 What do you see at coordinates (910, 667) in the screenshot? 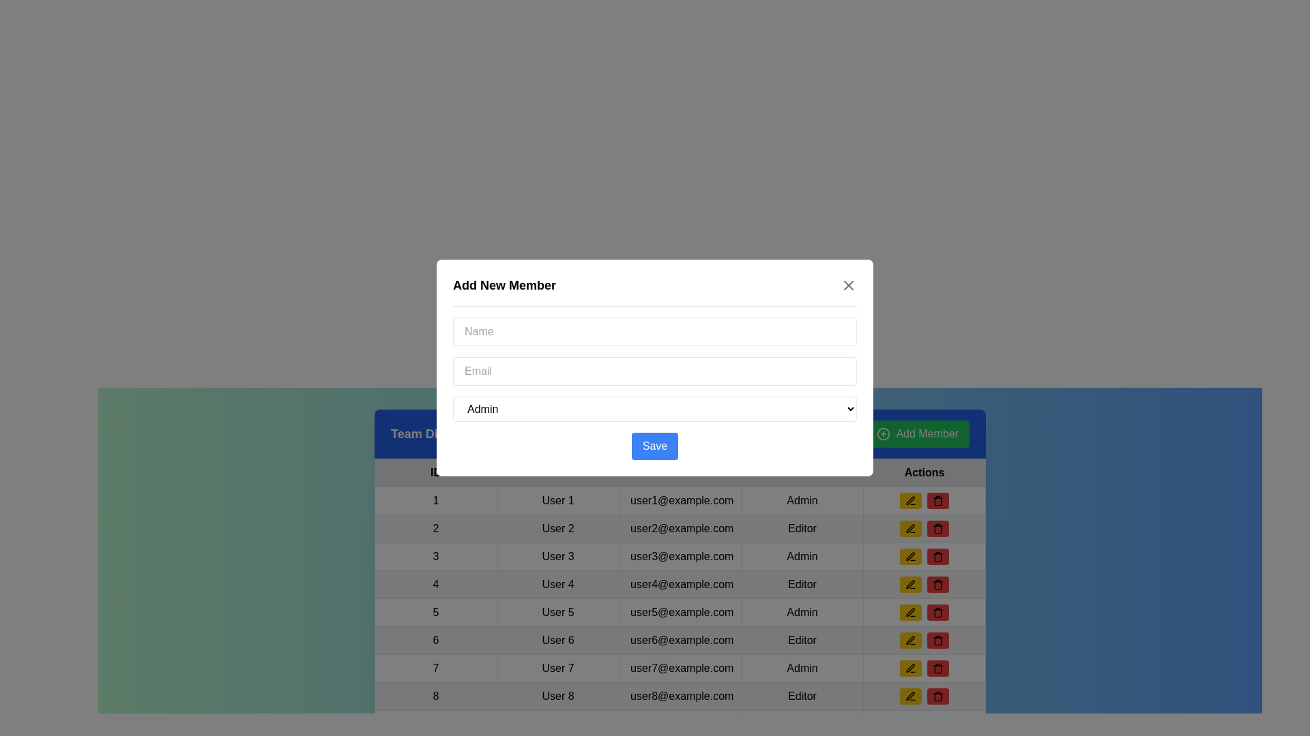
I see `the edit icon embedded in the yellow button located in the Actions column of the eighth row of the data table` at bounding box center [910, 667].